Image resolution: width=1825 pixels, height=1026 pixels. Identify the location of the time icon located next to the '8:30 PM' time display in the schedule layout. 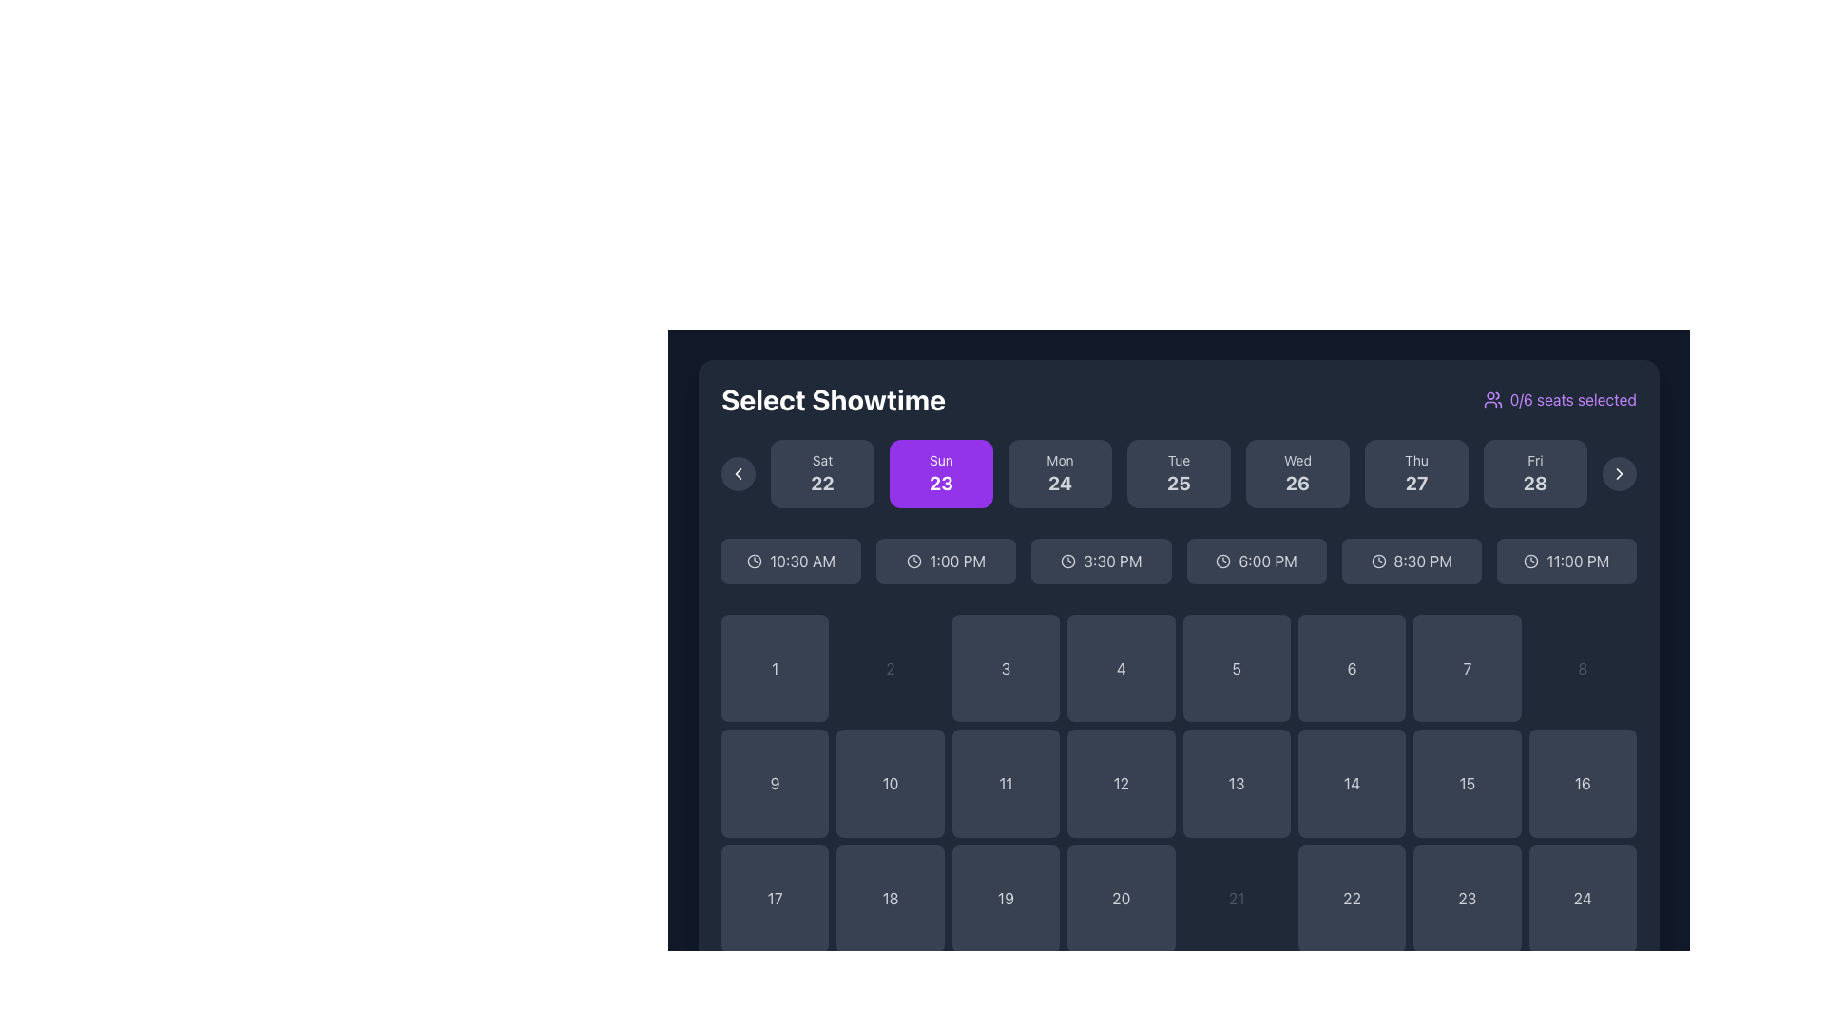
(1378, 560).